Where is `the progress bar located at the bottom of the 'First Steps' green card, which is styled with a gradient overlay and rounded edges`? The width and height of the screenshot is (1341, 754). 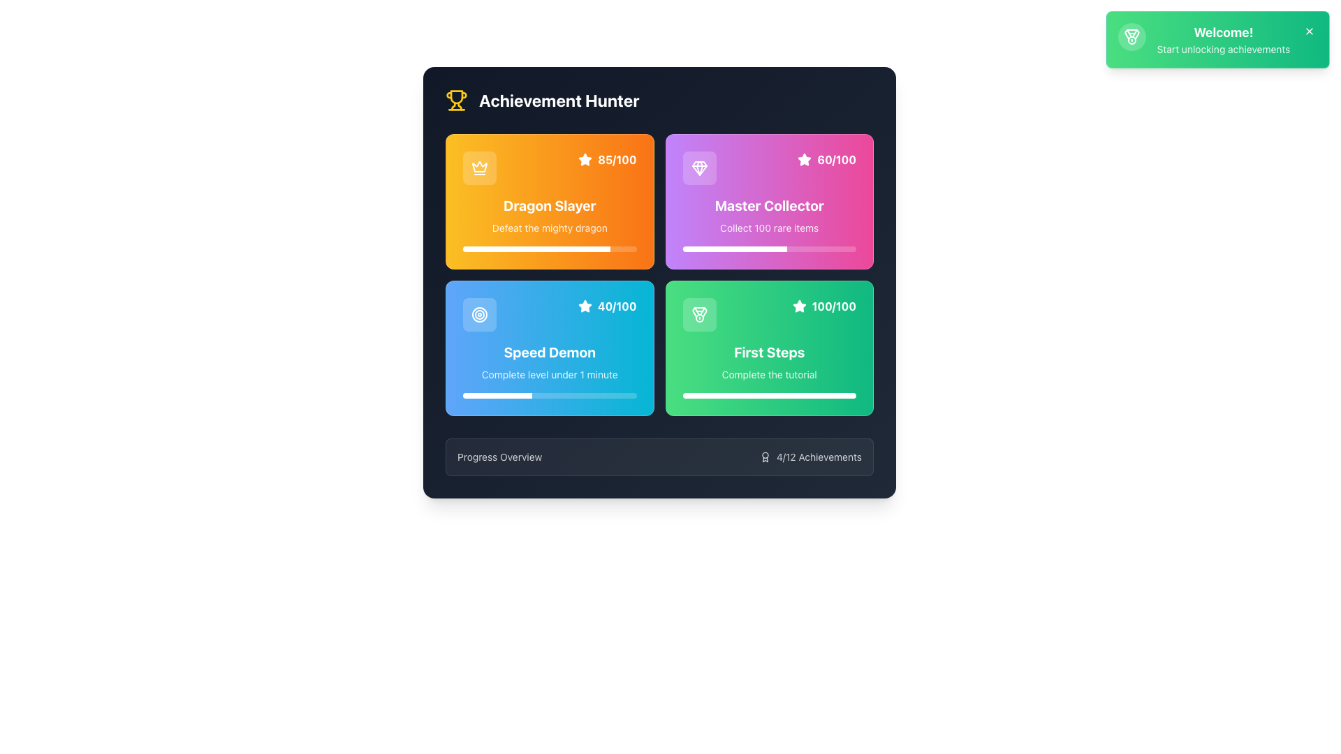
the progress bar located at the bottom of the 'First Steps' green card, which is styled with a gradient overlay and rounded edges is located at coordinates (768, 396).